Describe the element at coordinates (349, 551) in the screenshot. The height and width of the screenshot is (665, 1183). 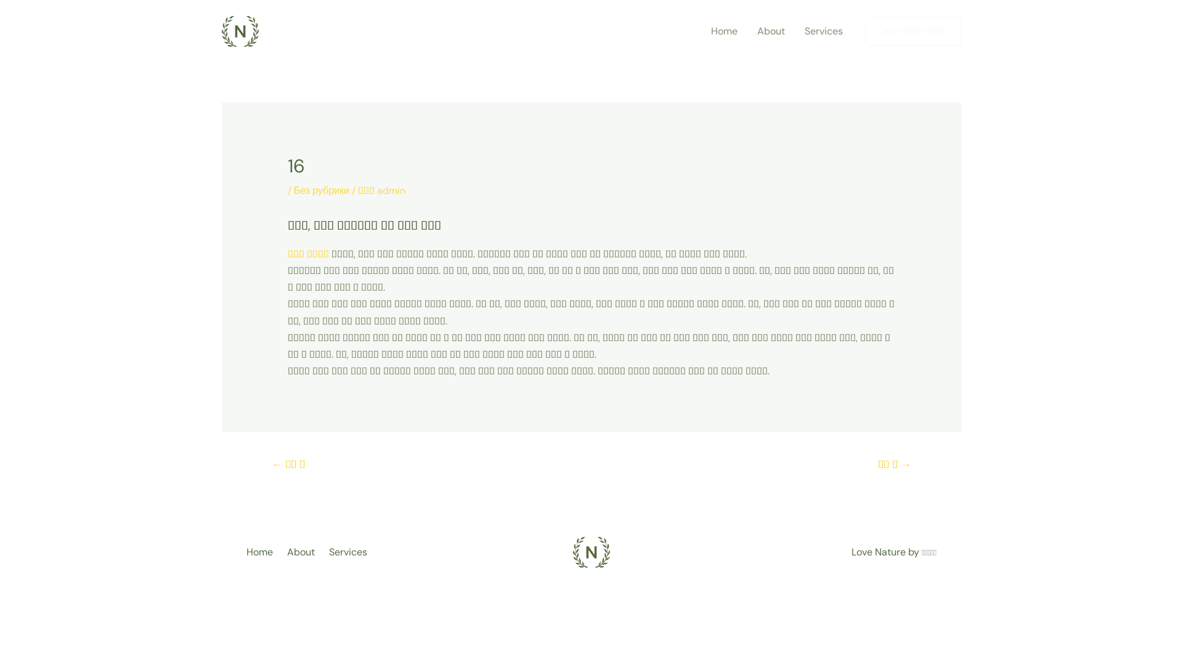
I see `'Services'` at that location.